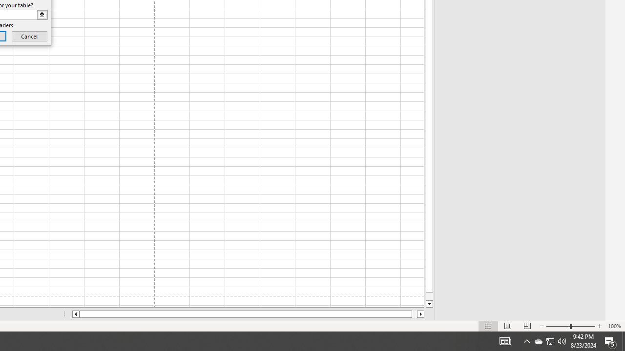 Image resolution: width=625 pixels, height=351 pixels. I want to click on 'Class: NetUIScrollBar', so click(248, 314).